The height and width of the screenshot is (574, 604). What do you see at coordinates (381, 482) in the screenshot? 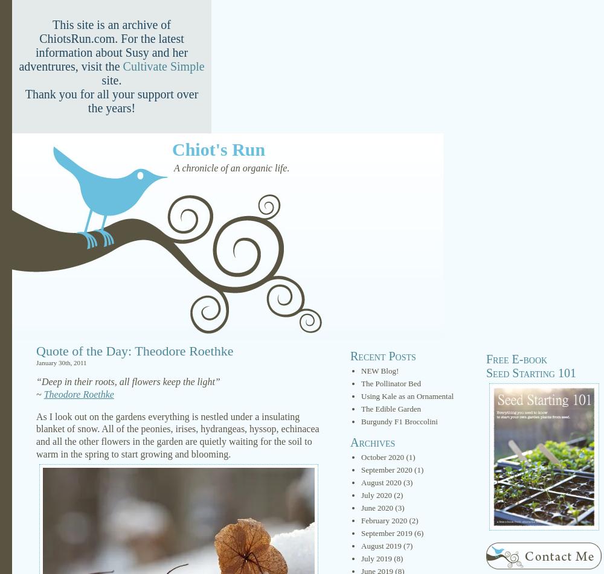
I see `'August 2020'` at bounding box center [381, 482].